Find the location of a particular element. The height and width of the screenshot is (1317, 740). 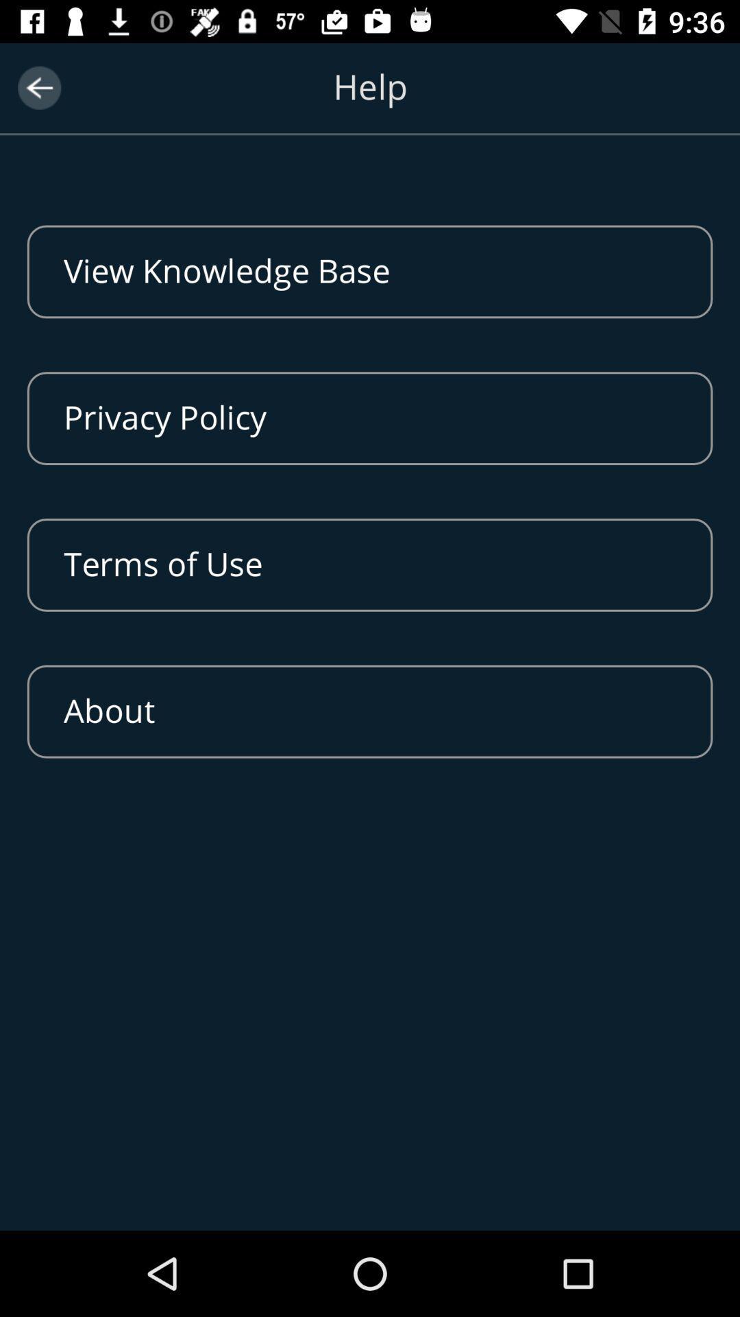

a button view knowledge base on page is located at coordinates (370, 272).